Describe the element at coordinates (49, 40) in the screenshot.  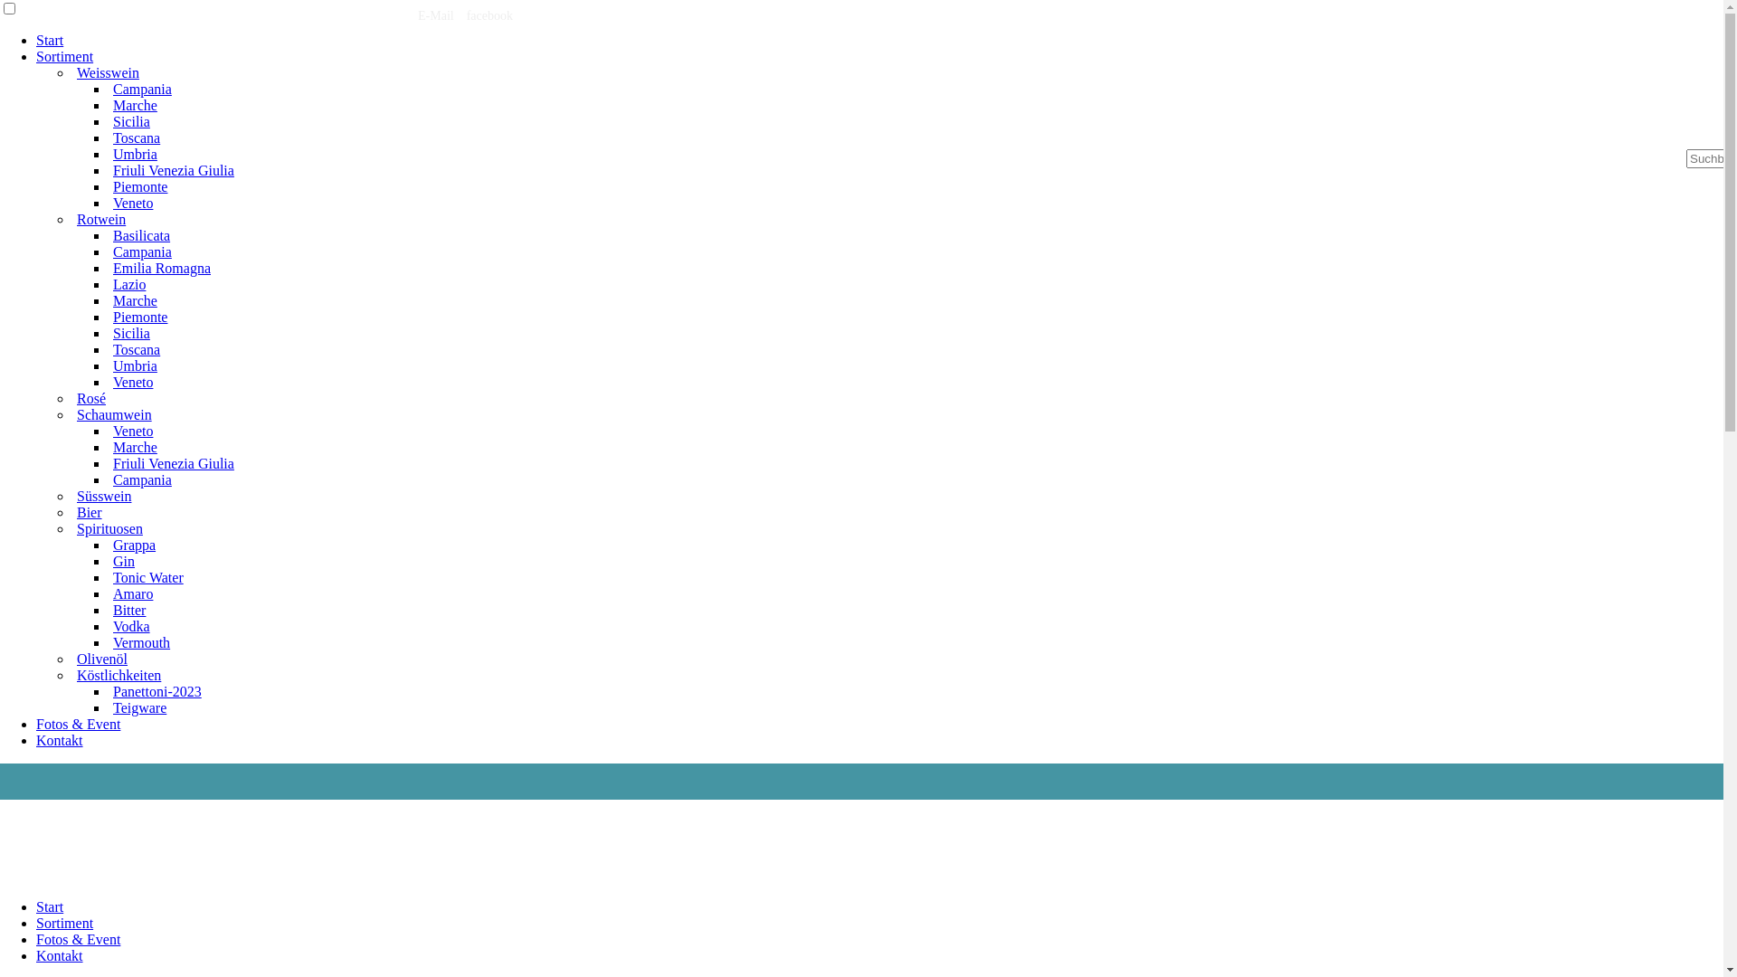
I see `'Start'` at that location.